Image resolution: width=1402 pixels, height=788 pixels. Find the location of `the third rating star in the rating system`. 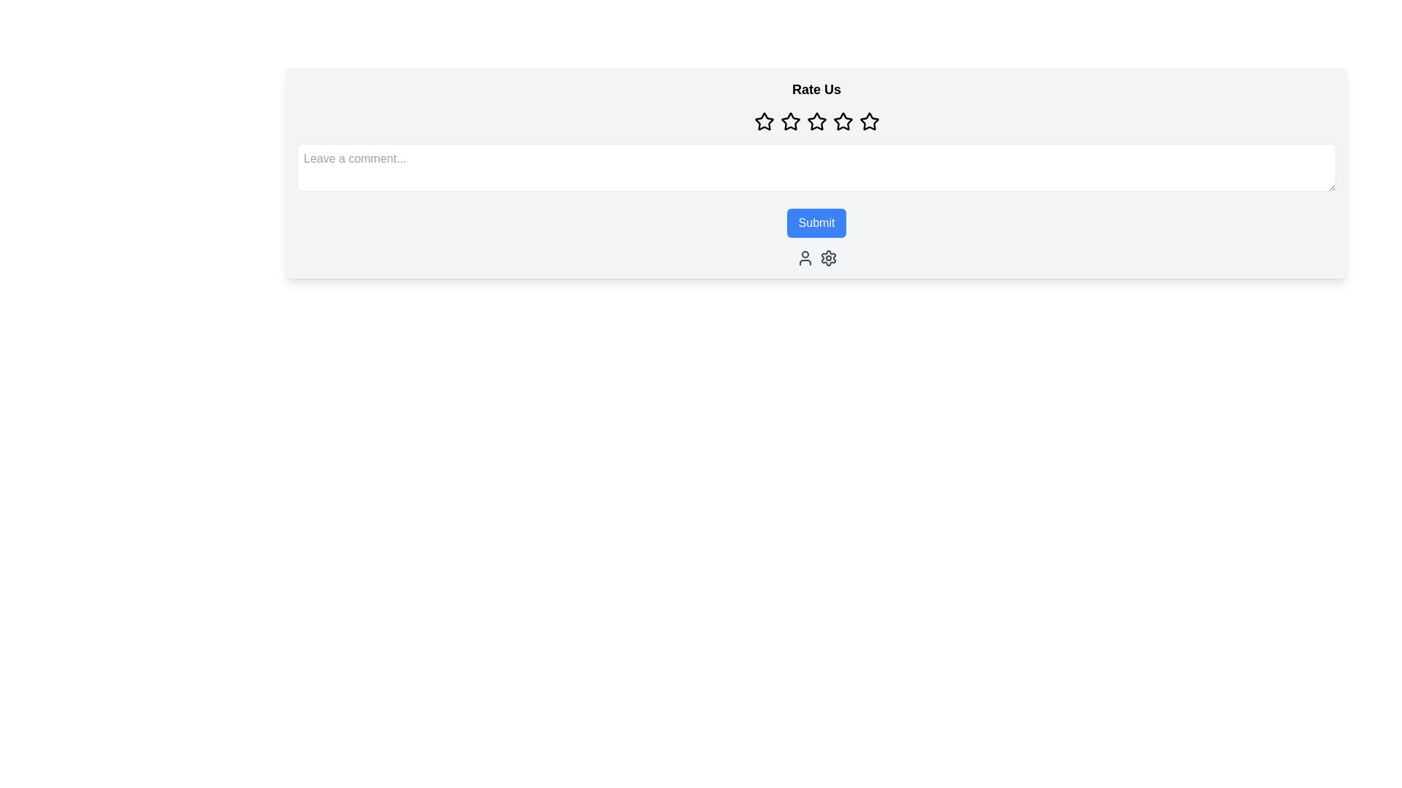

the third rating star in the rating system is located at coordinates (816, 120).